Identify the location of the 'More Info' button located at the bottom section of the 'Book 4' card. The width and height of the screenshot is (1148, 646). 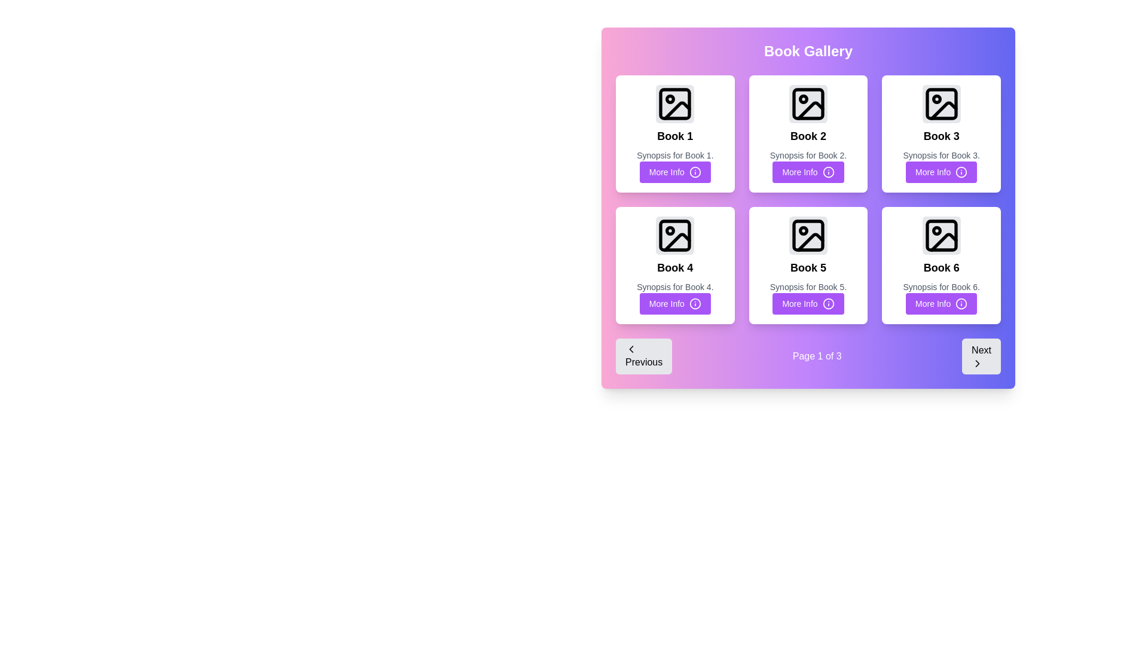
(675, 303).